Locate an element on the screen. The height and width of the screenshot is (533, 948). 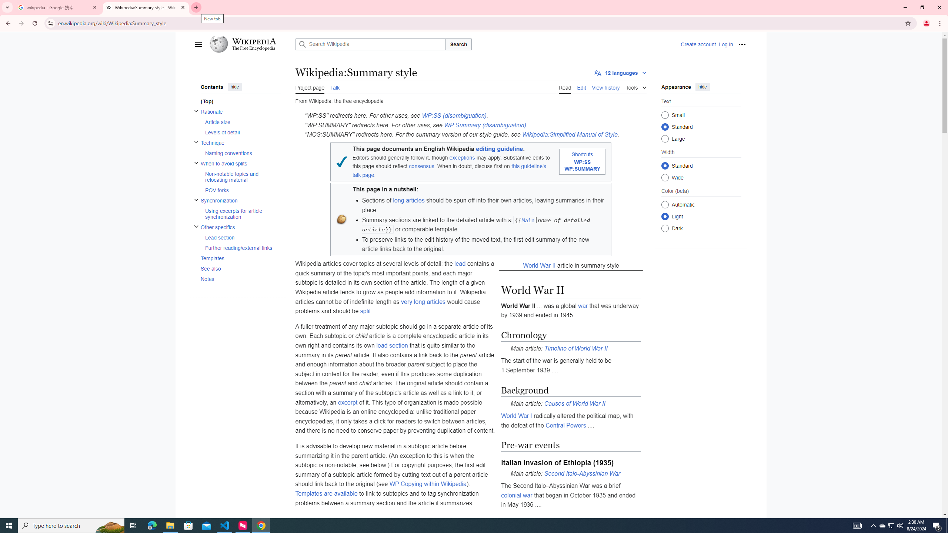
'Talk' is located at coordinates (335, 86).